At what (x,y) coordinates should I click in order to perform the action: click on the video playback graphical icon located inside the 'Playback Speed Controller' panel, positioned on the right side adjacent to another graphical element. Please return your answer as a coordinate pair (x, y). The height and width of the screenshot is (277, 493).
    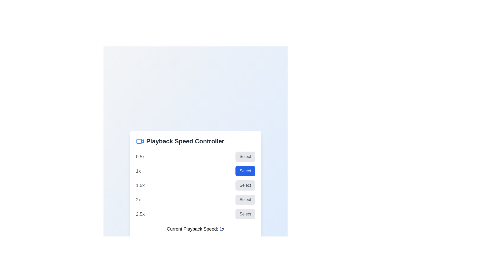
    Looking at the image, I should click on (142, 141).